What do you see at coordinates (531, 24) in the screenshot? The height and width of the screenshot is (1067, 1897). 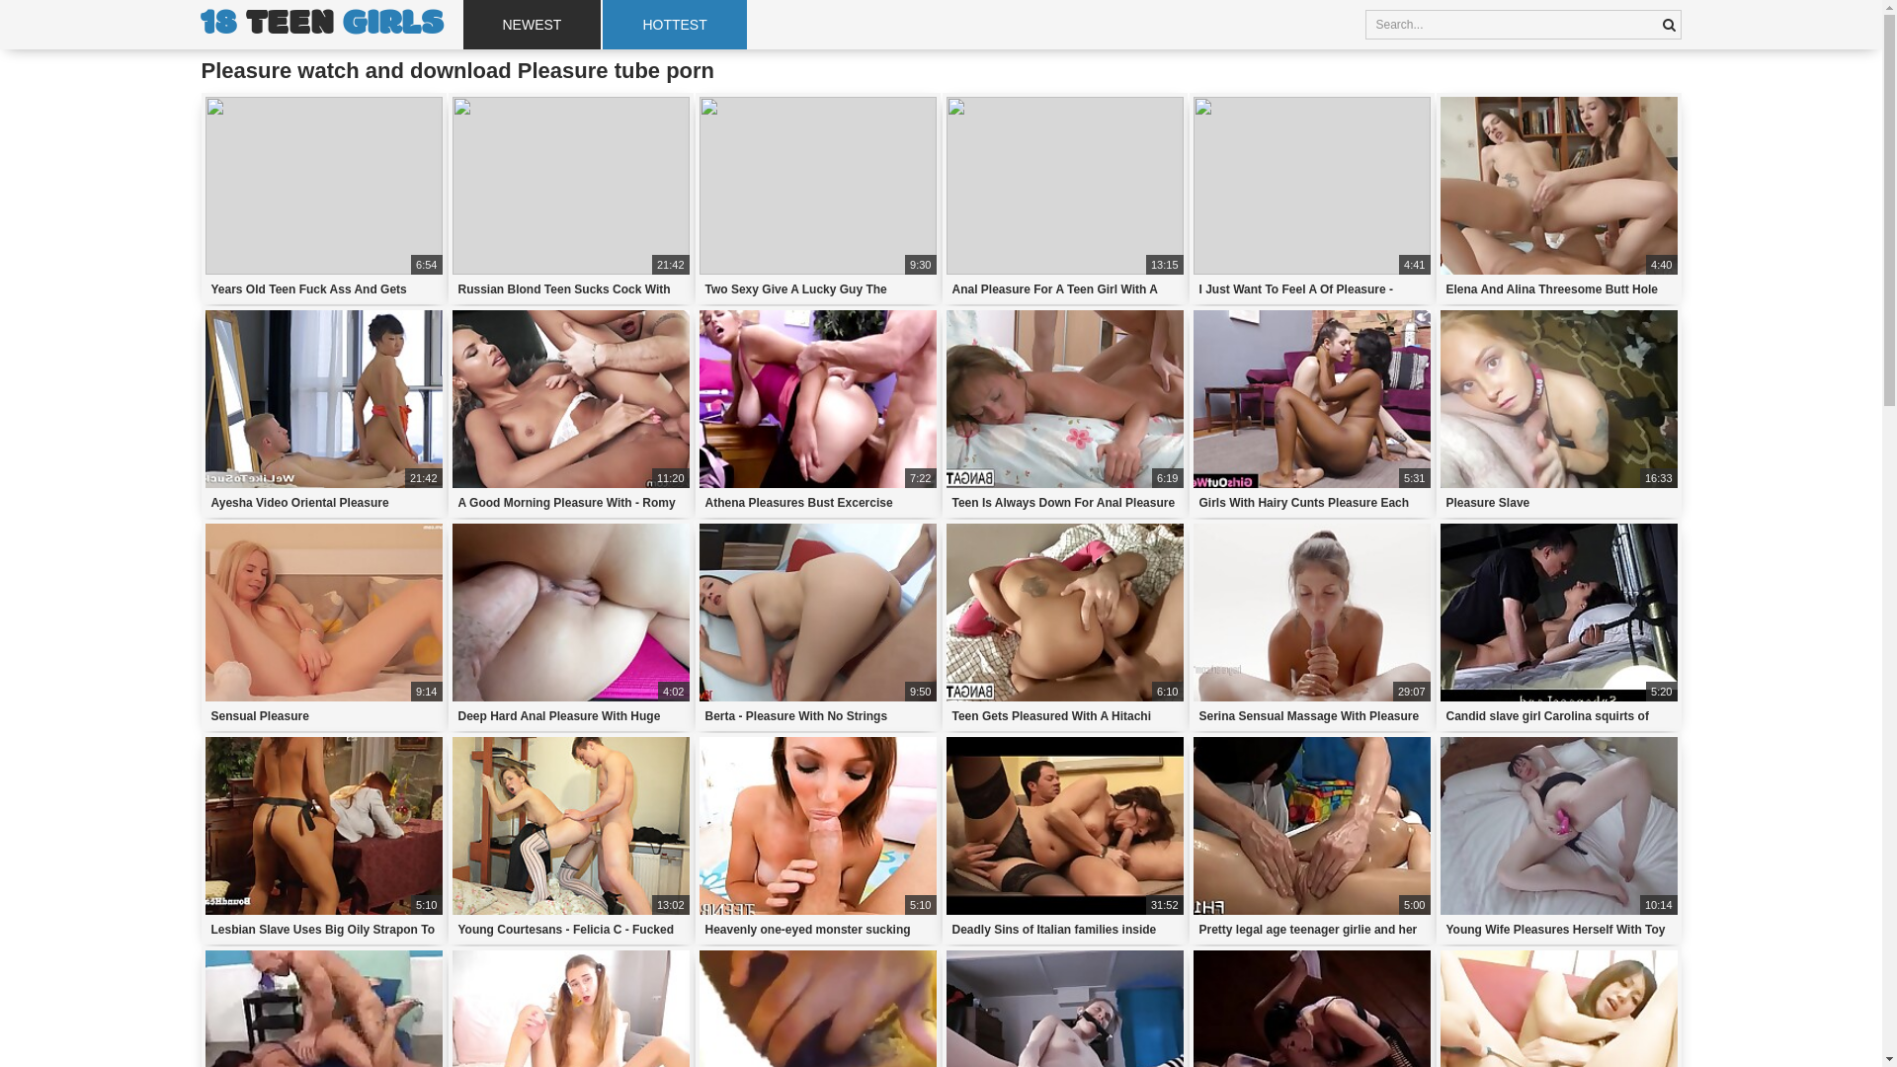 I see `'NEWEST'` at bounding box center [531, 24].